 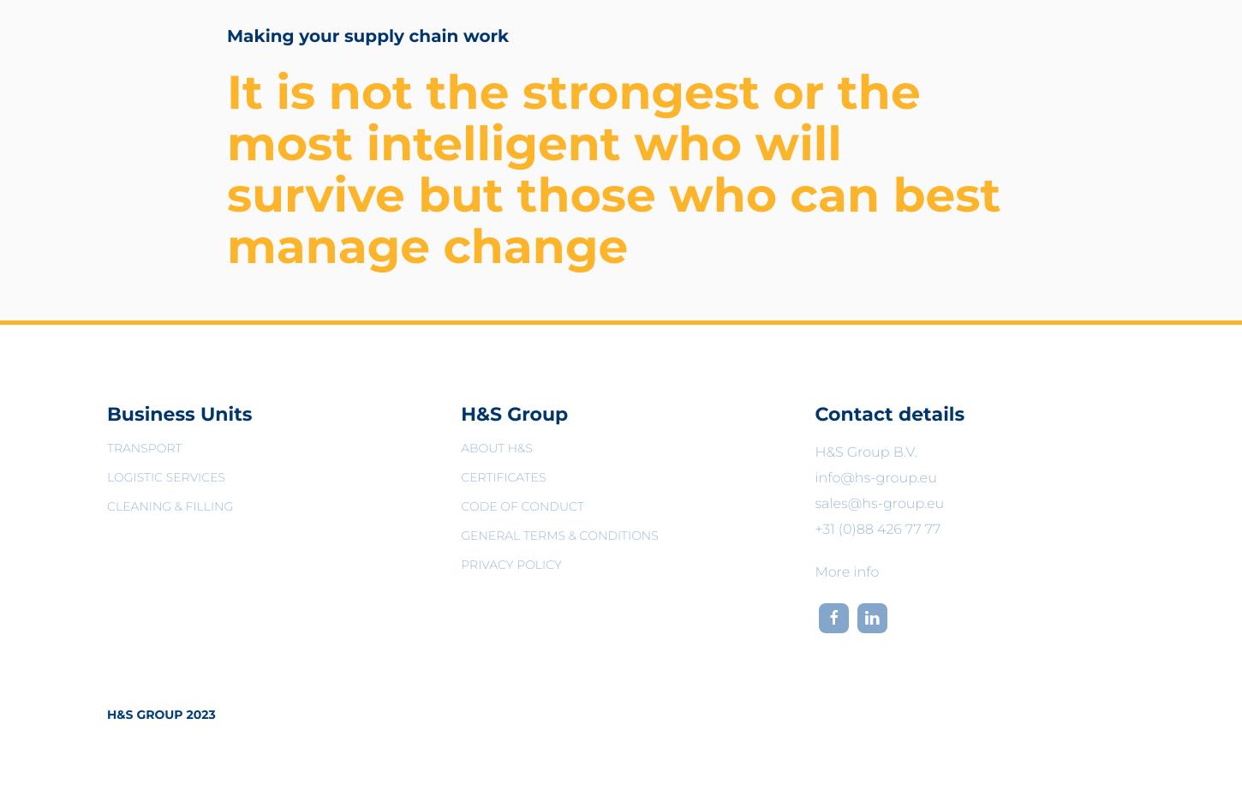 I want to click on 'About H&S', so click(x=496, y=448).